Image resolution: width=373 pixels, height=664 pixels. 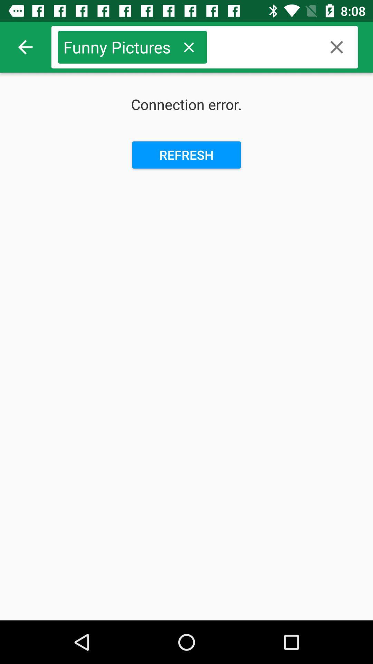 What do you see at coordinates (186, 155) in the screenshot?
I see `the refresh` at bounding box center [186, 155].